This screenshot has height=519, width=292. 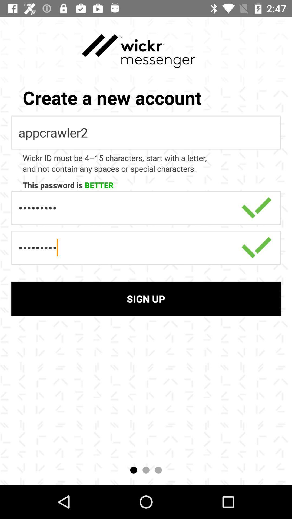 What do you see at coordinates (146, 298) in the screenshot?
I see `the icon below the crowd3116 icon` at bounding box center [146, 298].